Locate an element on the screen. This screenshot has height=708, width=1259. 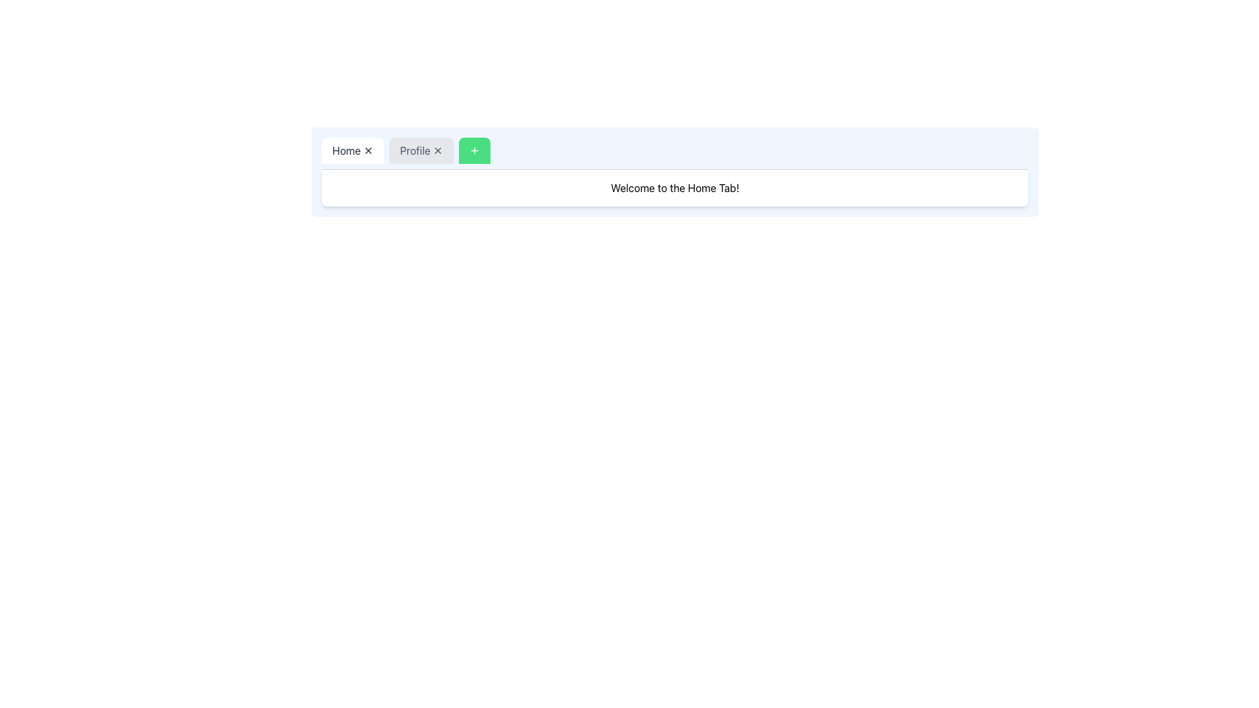
the 'Home' tab button with a close icon is located at coordinates (353, 150).